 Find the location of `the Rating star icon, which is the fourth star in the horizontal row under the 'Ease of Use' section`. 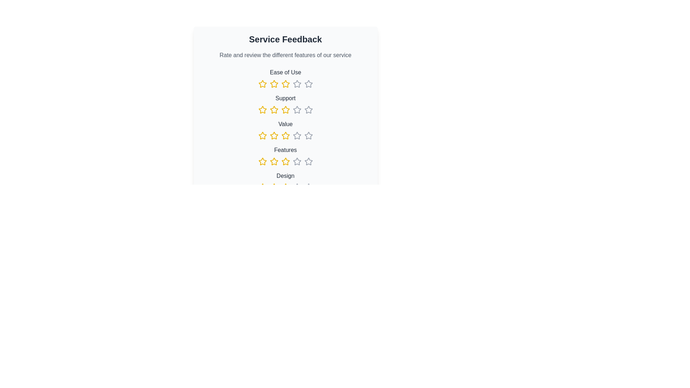

the Rating star icon, which is the fourth star in the horizontal row under the 'Ease of Use' section is located at coordinates (285, 84).